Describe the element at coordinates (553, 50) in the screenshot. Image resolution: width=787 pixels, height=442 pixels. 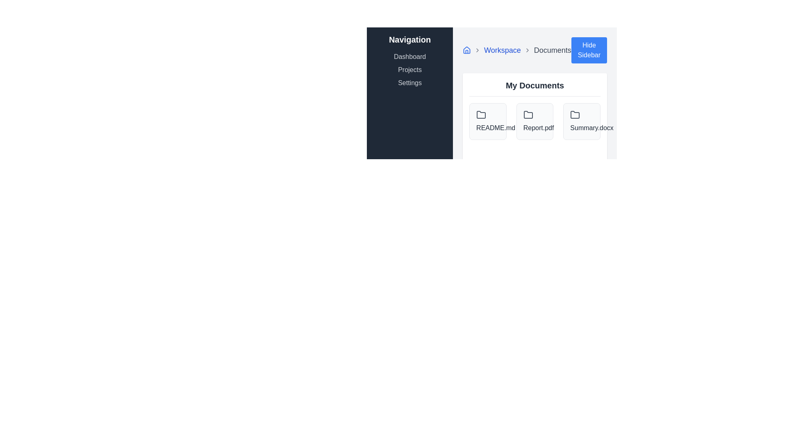
I see `the 'Documents' text label, which is styled in gray and part of a breadcrumb navigation sequence, positioned to the right of the 'Workspace' text` at that location.